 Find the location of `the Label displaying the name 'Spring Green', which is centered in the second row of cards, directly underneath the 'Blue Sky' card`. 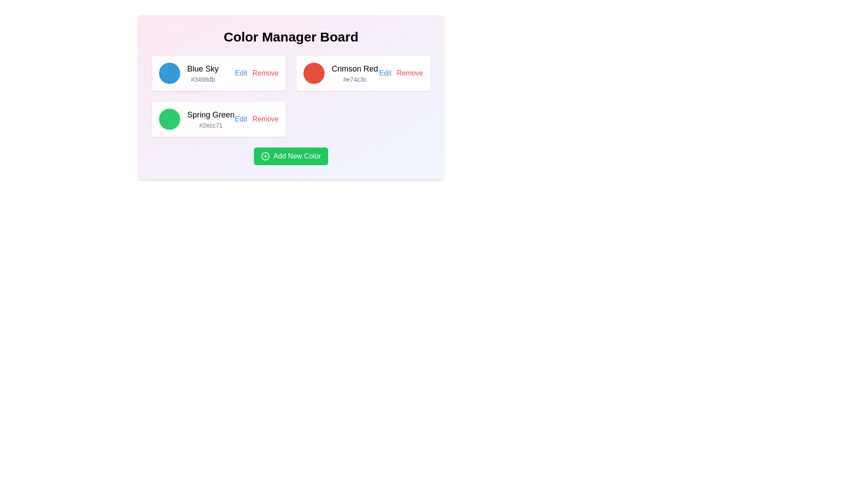

the Label displaying the name 'Spring Green', which is centered in the second row of cards, directly underneath the 'Blue Sky' card is located at coordinates (210, 114).